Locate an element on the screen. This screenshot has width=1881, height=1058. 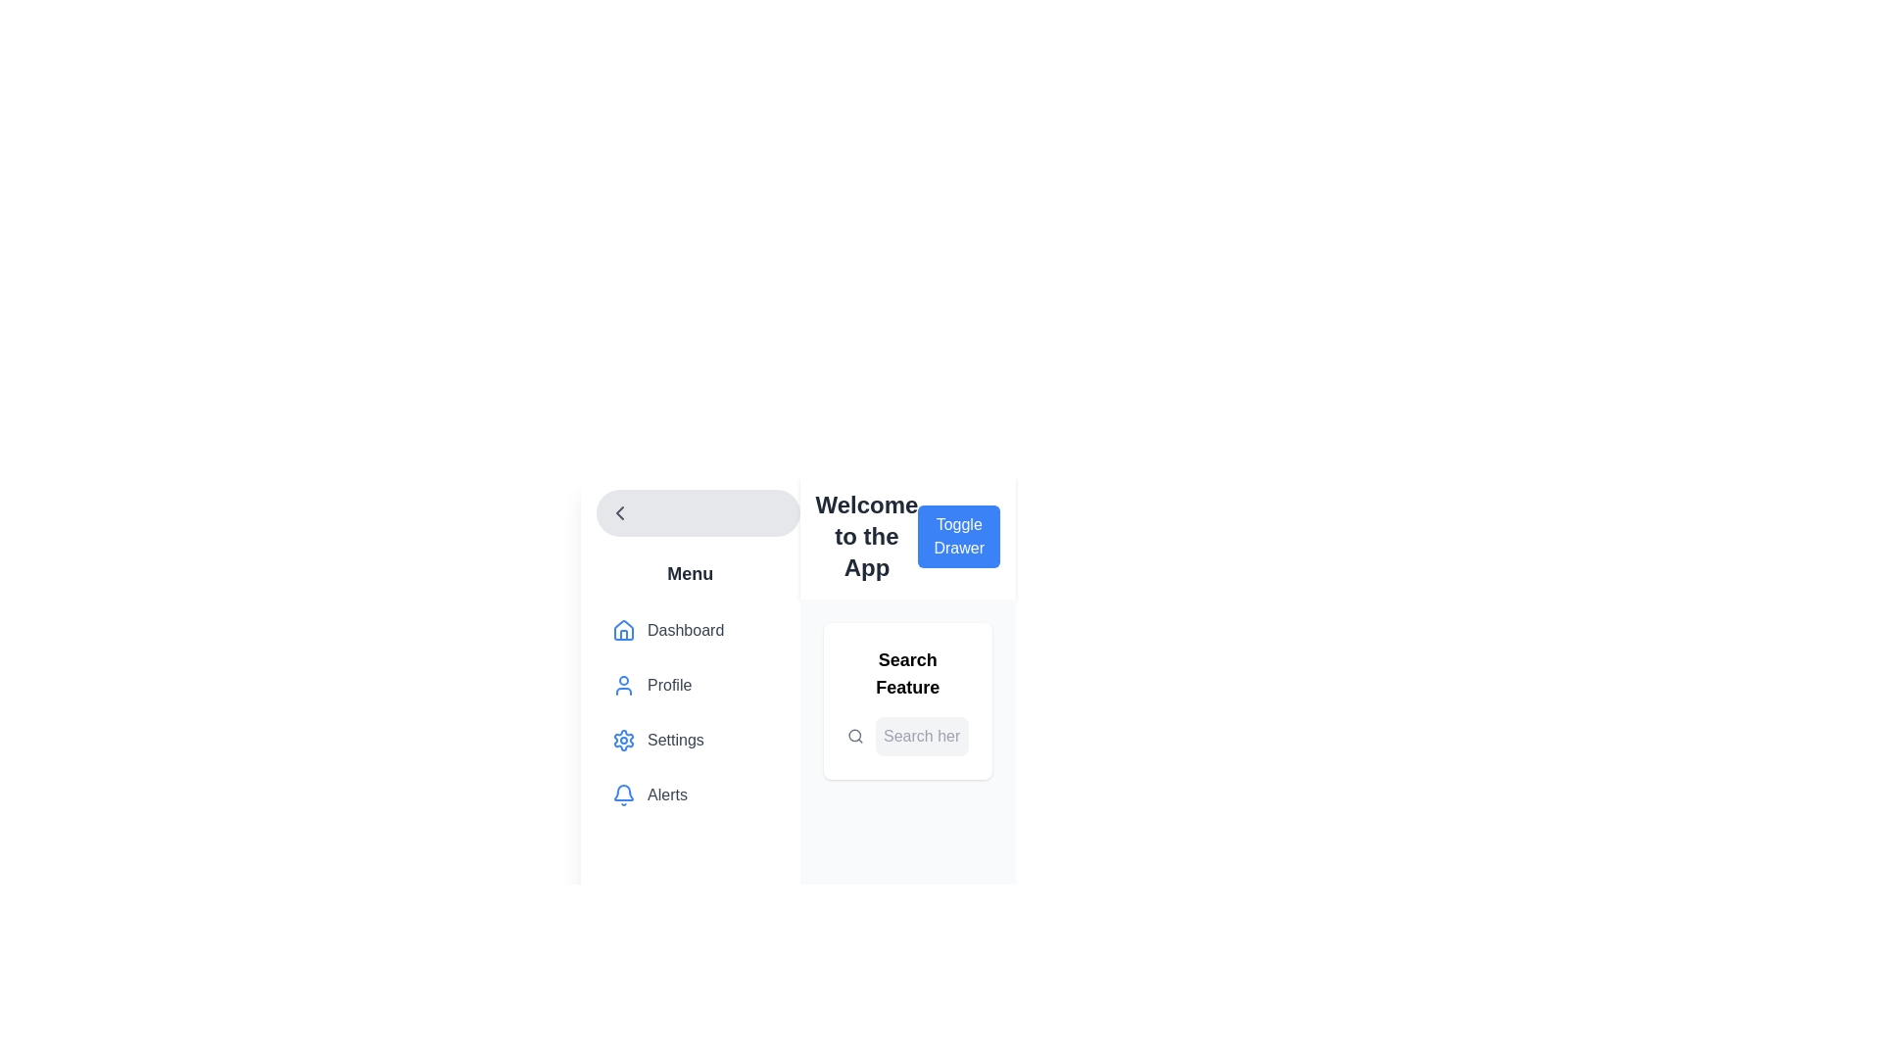
the button located in the third position of the vertical navigation list is located at coordinates (690, 741).